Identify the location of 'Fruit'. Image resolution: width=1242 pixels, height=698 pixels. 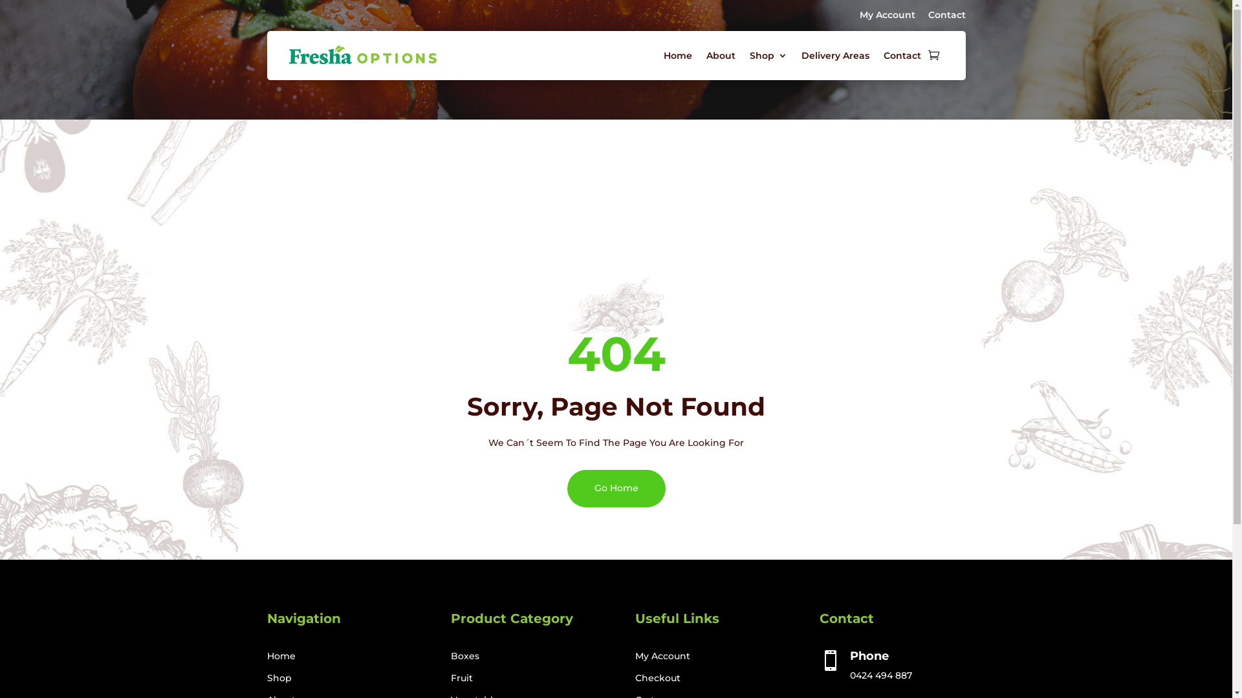
(450, 677).